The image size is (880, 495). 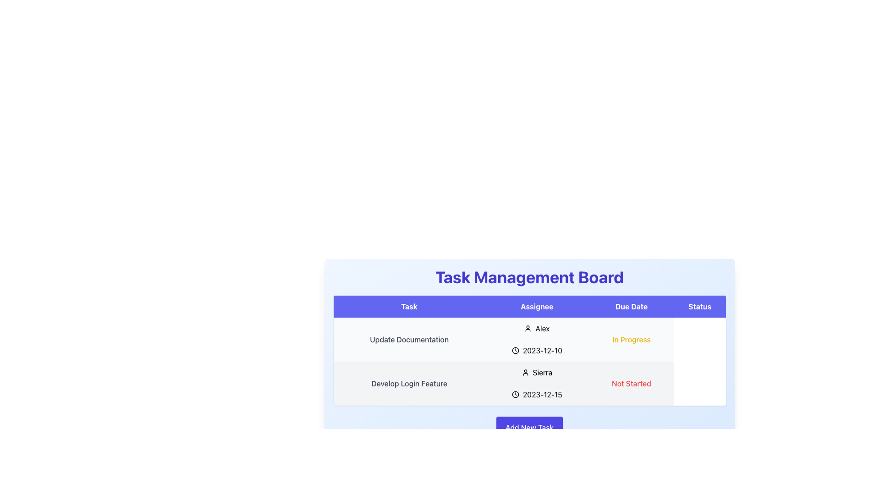 I want to click on the 'Add Task' button located at the bottom center of the Task Management Board to change its color, so click(x=529, y=428).